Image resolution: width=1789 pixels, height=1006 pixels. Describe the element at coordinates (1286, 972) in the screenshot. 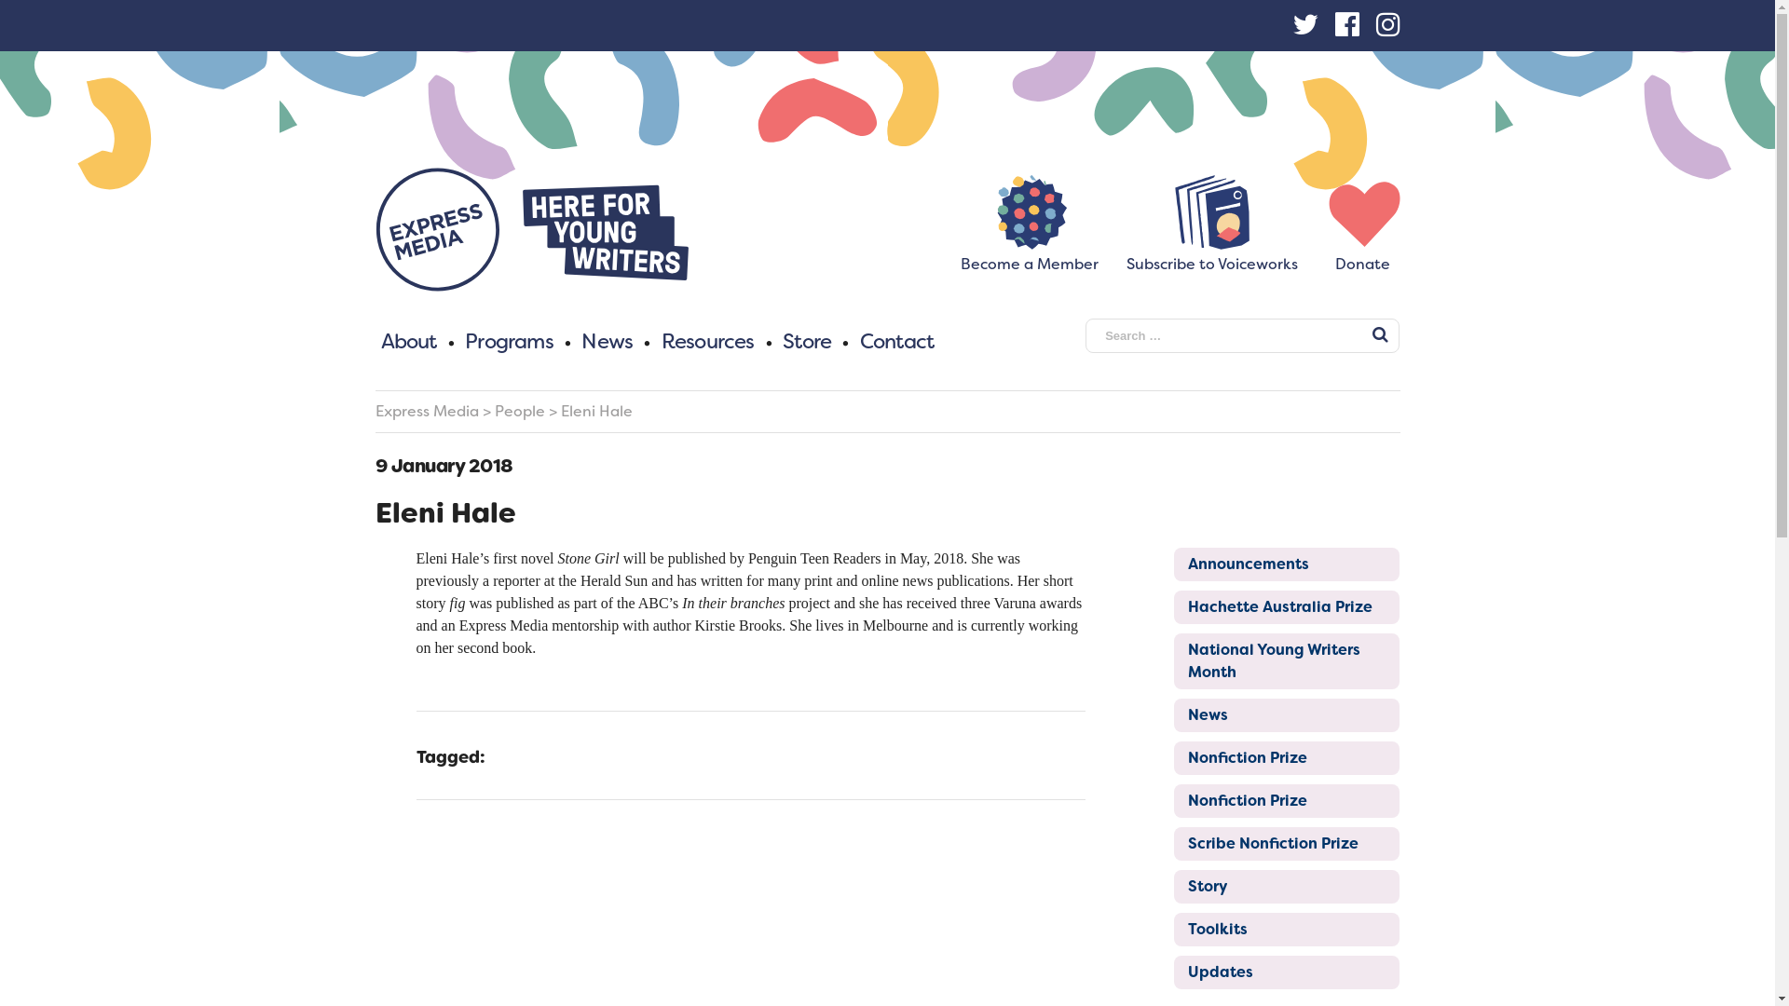

I see `'Updates'` at that location.